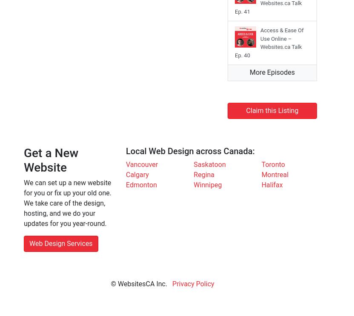 The height and width of the screenshot is (316, 354). Describe the element at coordinates (172, 283) in the screenshot. I see `'Privacy Policy'` at that location.